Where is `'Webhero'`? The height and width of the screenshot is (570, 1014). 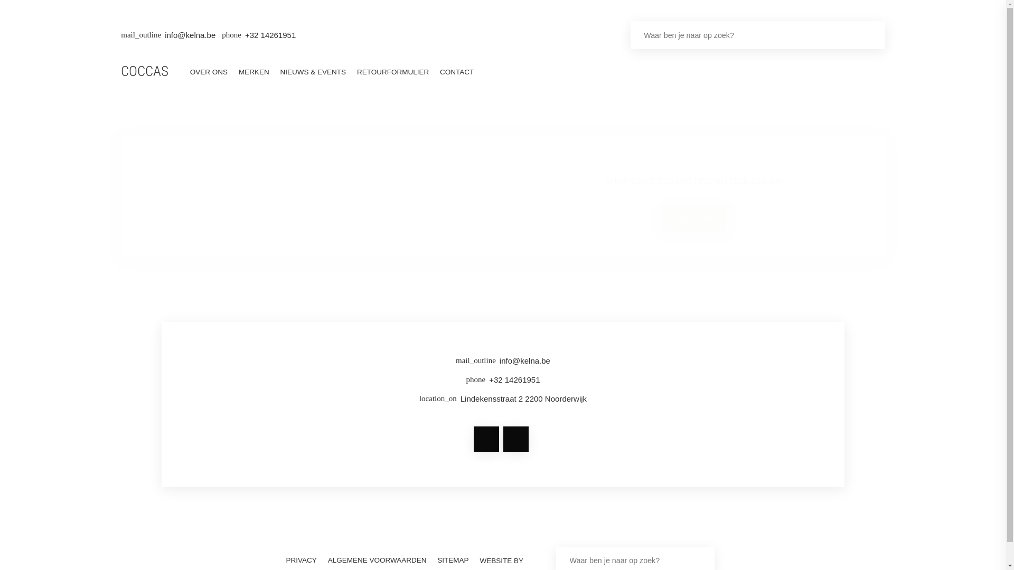
'Webhero' is located at coordinates (537, 560).